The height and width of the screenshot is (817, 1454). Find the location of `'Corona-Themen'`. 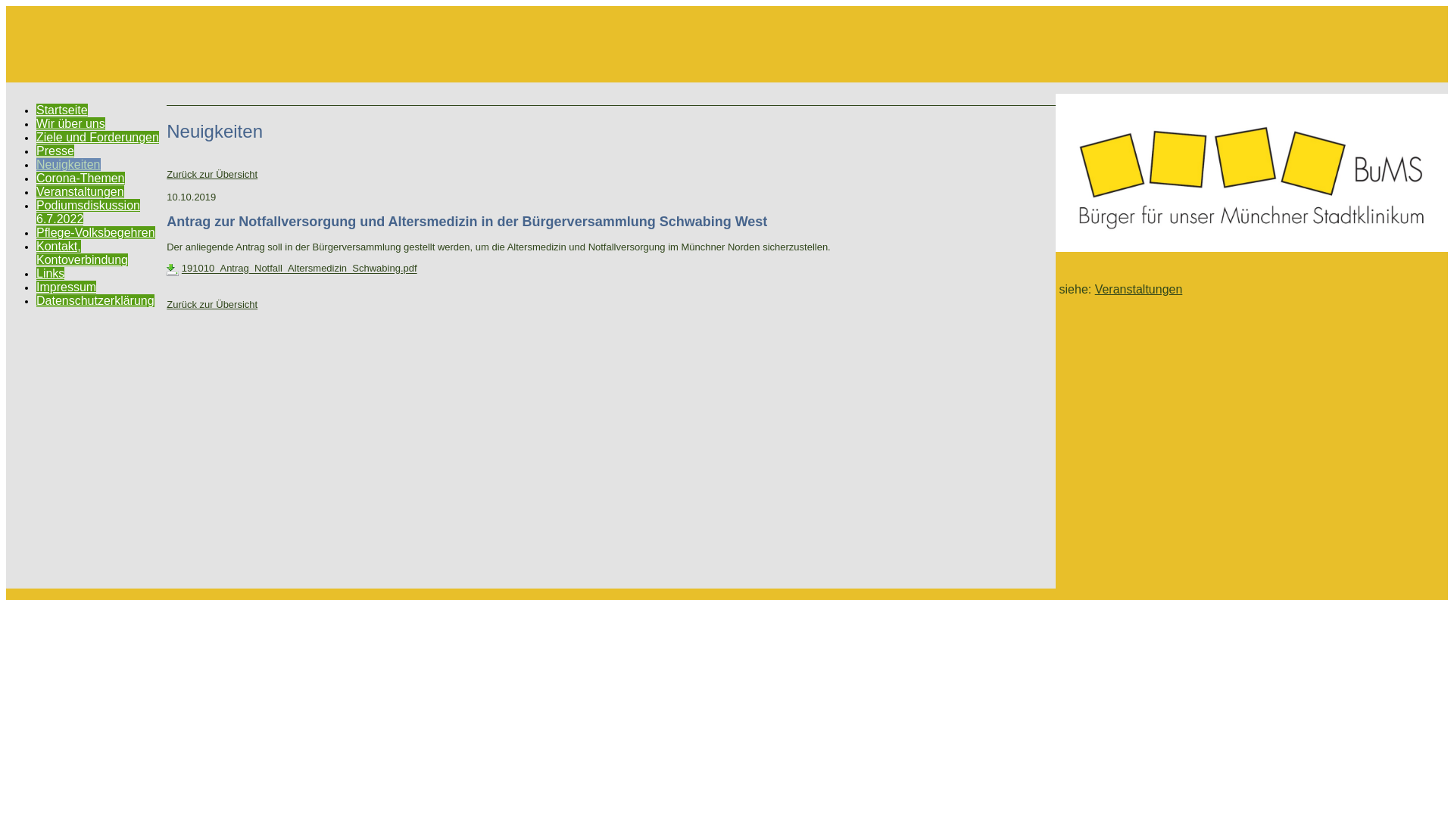

'Corona-Themen' is located at coordinates (36, 177).